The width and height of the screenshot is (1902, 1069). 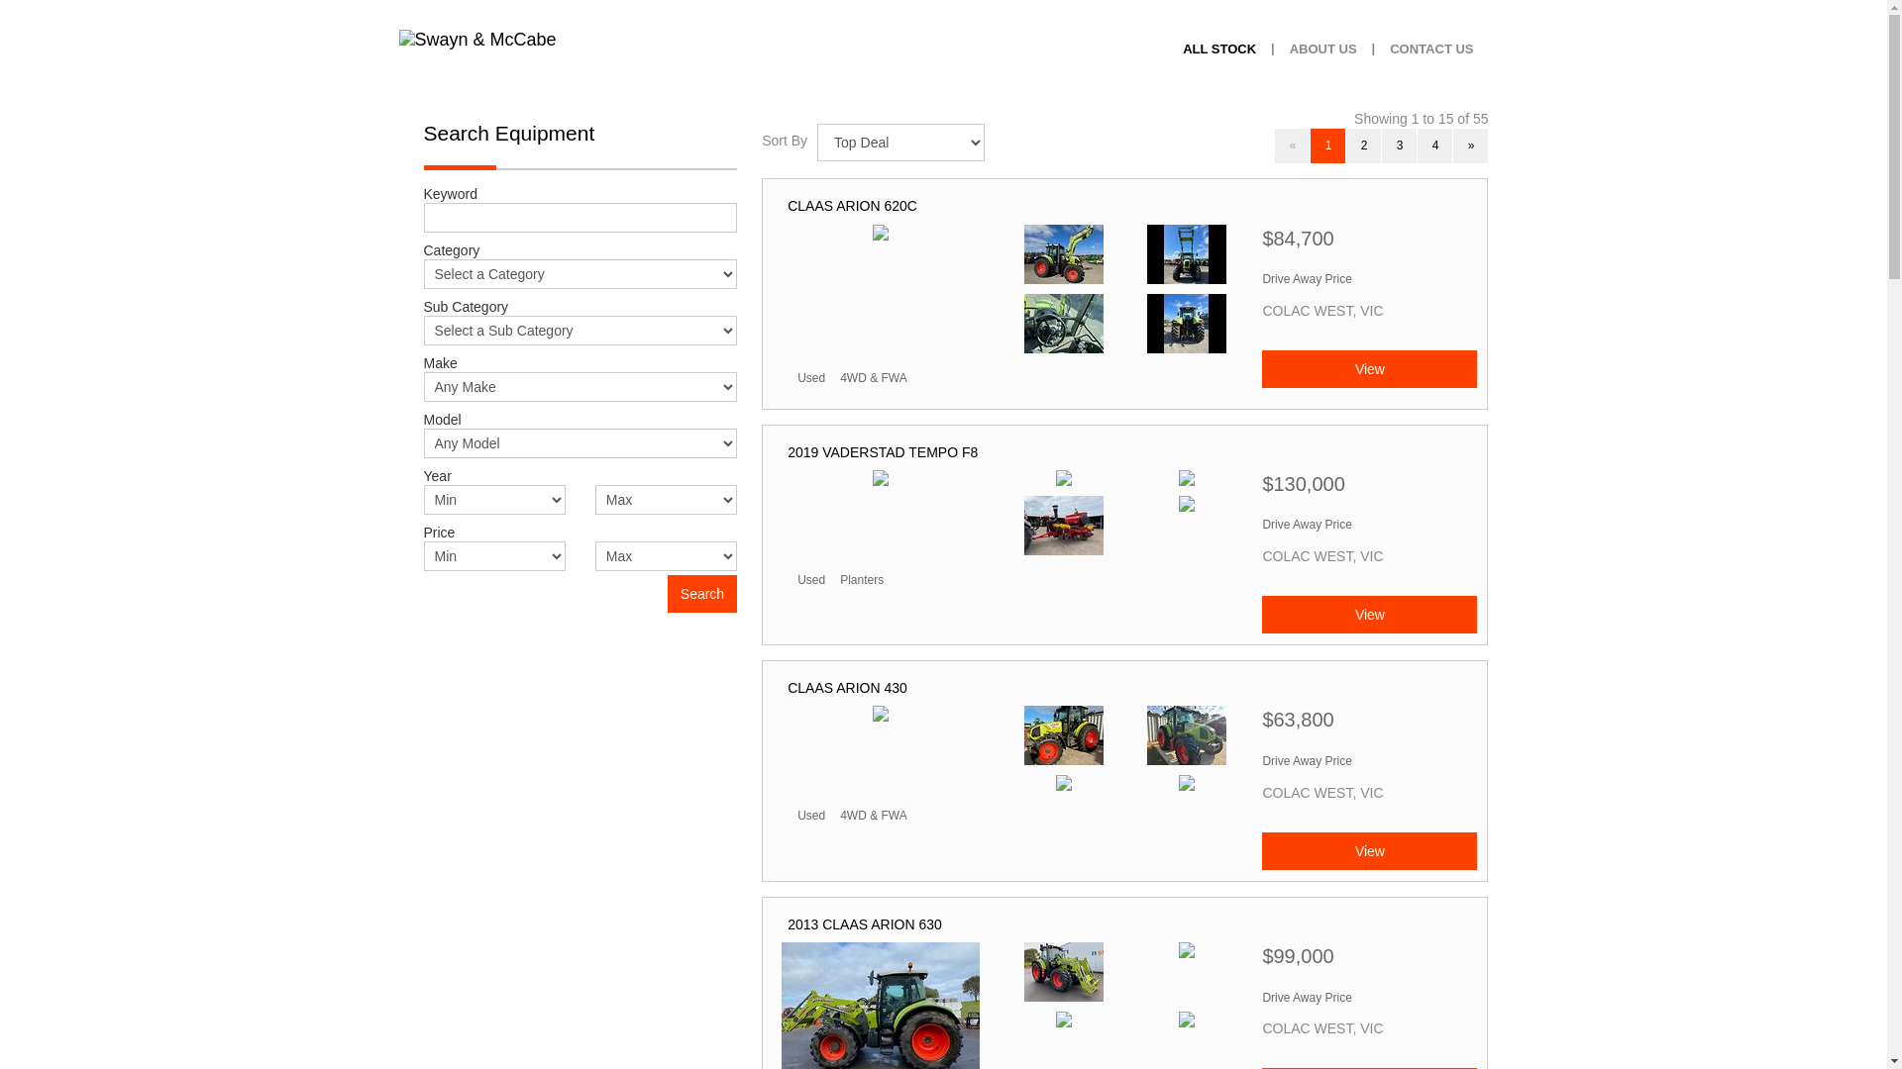 What do you see at coordinates (1260, 960) in the screenshot?
I see `'$99,000'` at bounding box center [1260, 960].